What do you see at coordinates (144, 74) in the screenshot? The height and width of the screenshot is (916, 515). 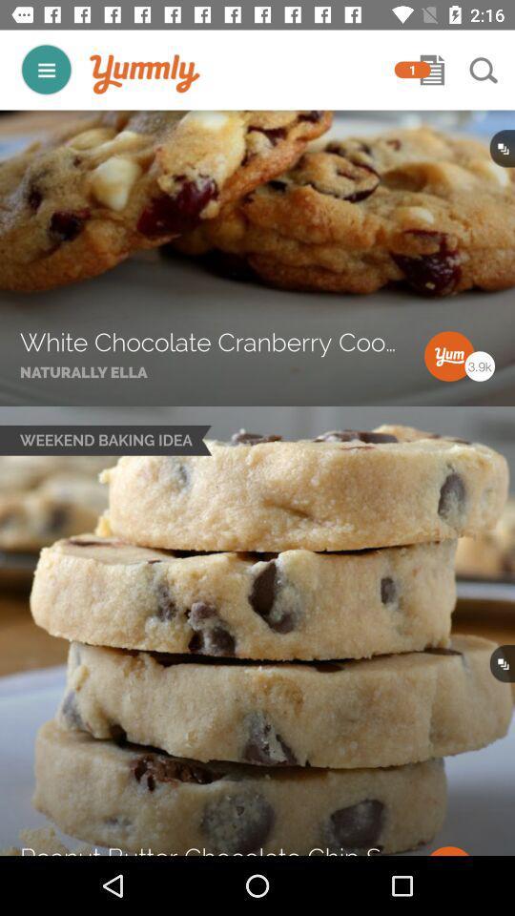 I see `text right right to menu icon` at bounding box center [144, 74].